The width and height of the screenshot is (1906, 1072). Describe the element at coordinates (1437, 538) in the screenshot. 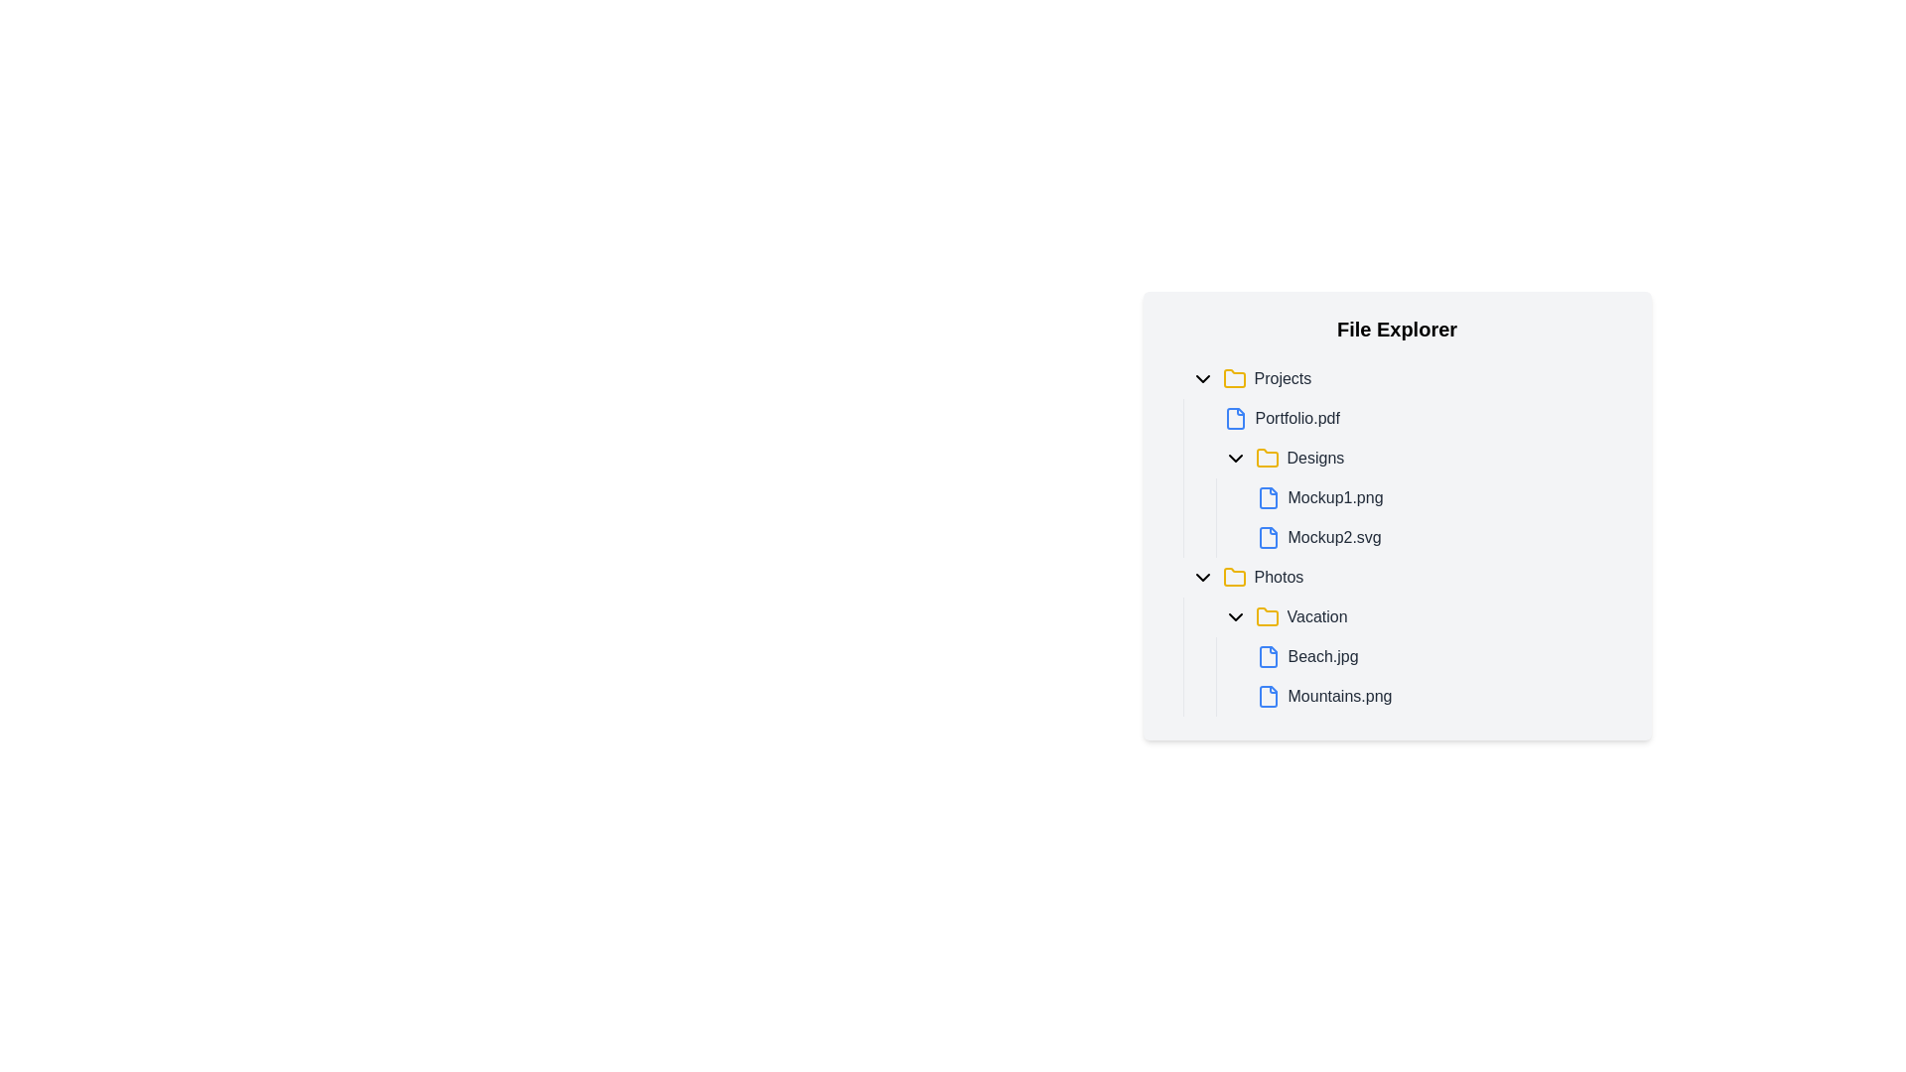

I see `the file item 'Mockup2.svg' located in the 'Designs' folder under 'Projects'` at that location.